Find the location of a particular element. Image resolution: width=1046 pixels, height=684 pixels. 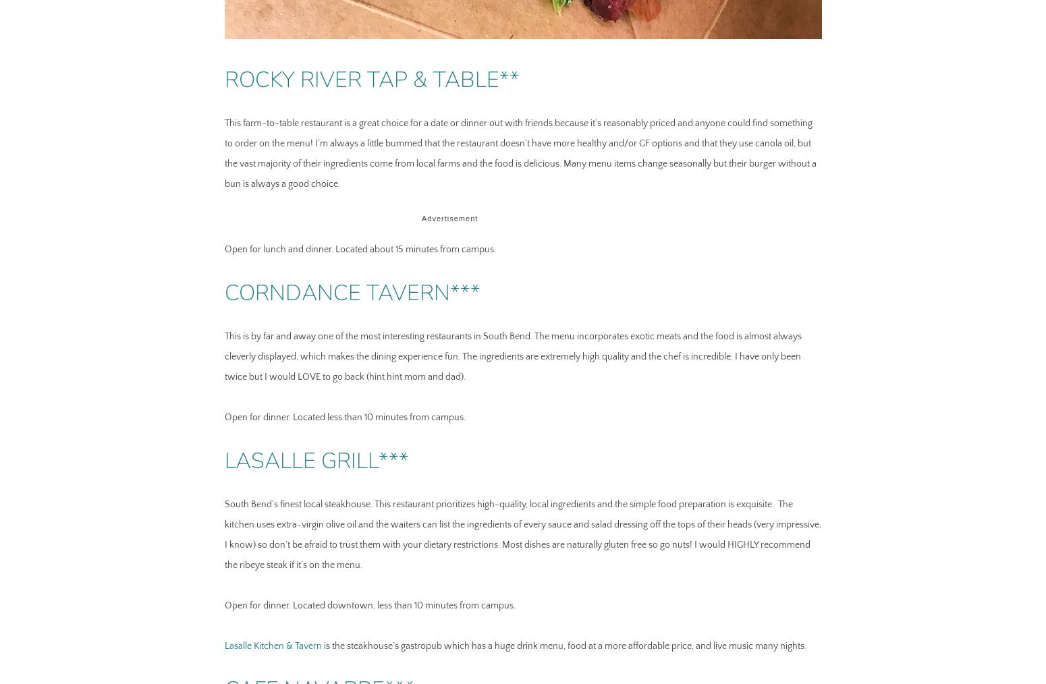

'South Bend’s finest local steakhouse. This restaurant prioritizes high-quality, local ingredients and the simple food preparation is exquisite.  The kitchen uses extra-virgin olive oil and the waiters can list the ingredients of every sauce and salad dressing off the tops of their heads (very impressive, I know) so don’t be afraid to trust them with your dietary restrictions. Most dishes are naturally gluten free so go nuts! I would HIGHLY recommend the ribeye steak if it’s on the menu.' is located at coordinates (522, 534).